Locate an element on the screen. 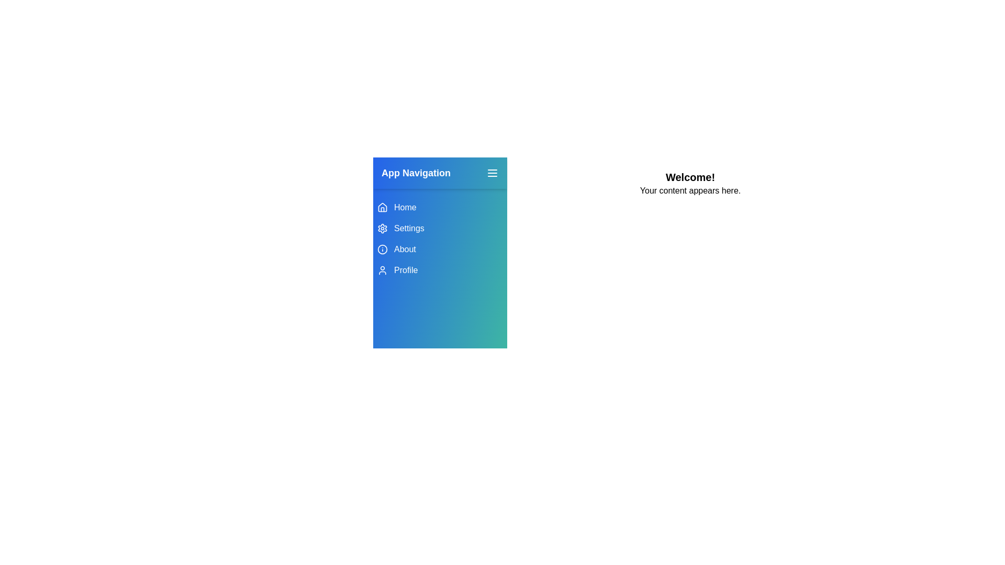  the menu item Home from the drawer is located at coordinates (440, 208).